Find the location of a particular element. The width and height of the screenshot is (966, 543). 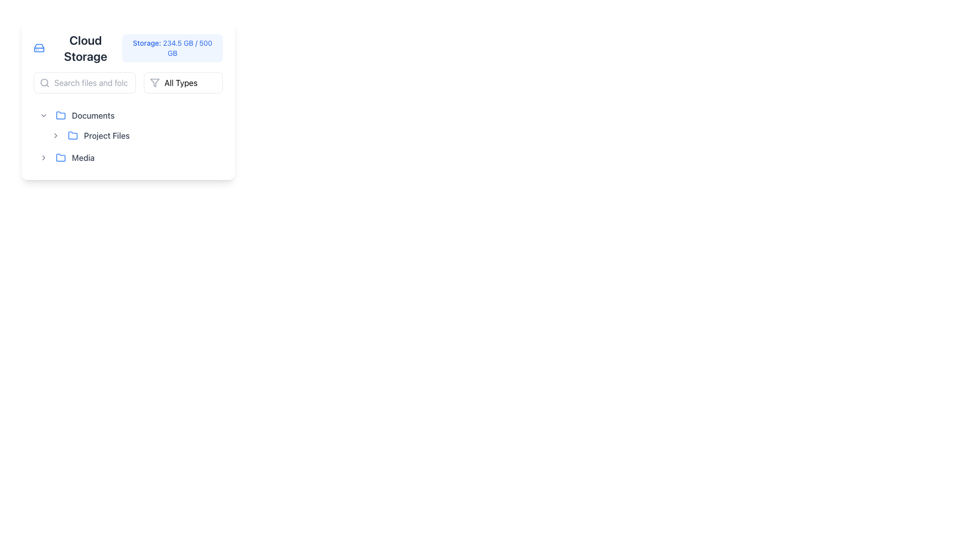

the 'Cloud Storage' informational display component that shows the storage usage status, which includes the title styled in bold and large font along with the usage information in blue color and a hard drive icon is located at coordinates (127, 48).